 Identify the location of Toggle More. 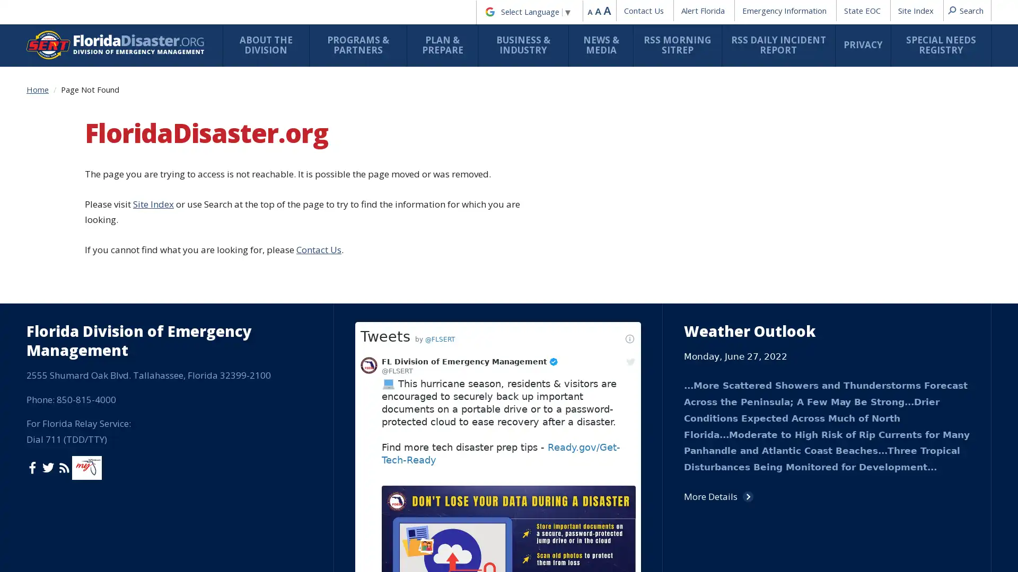
(425, 421).